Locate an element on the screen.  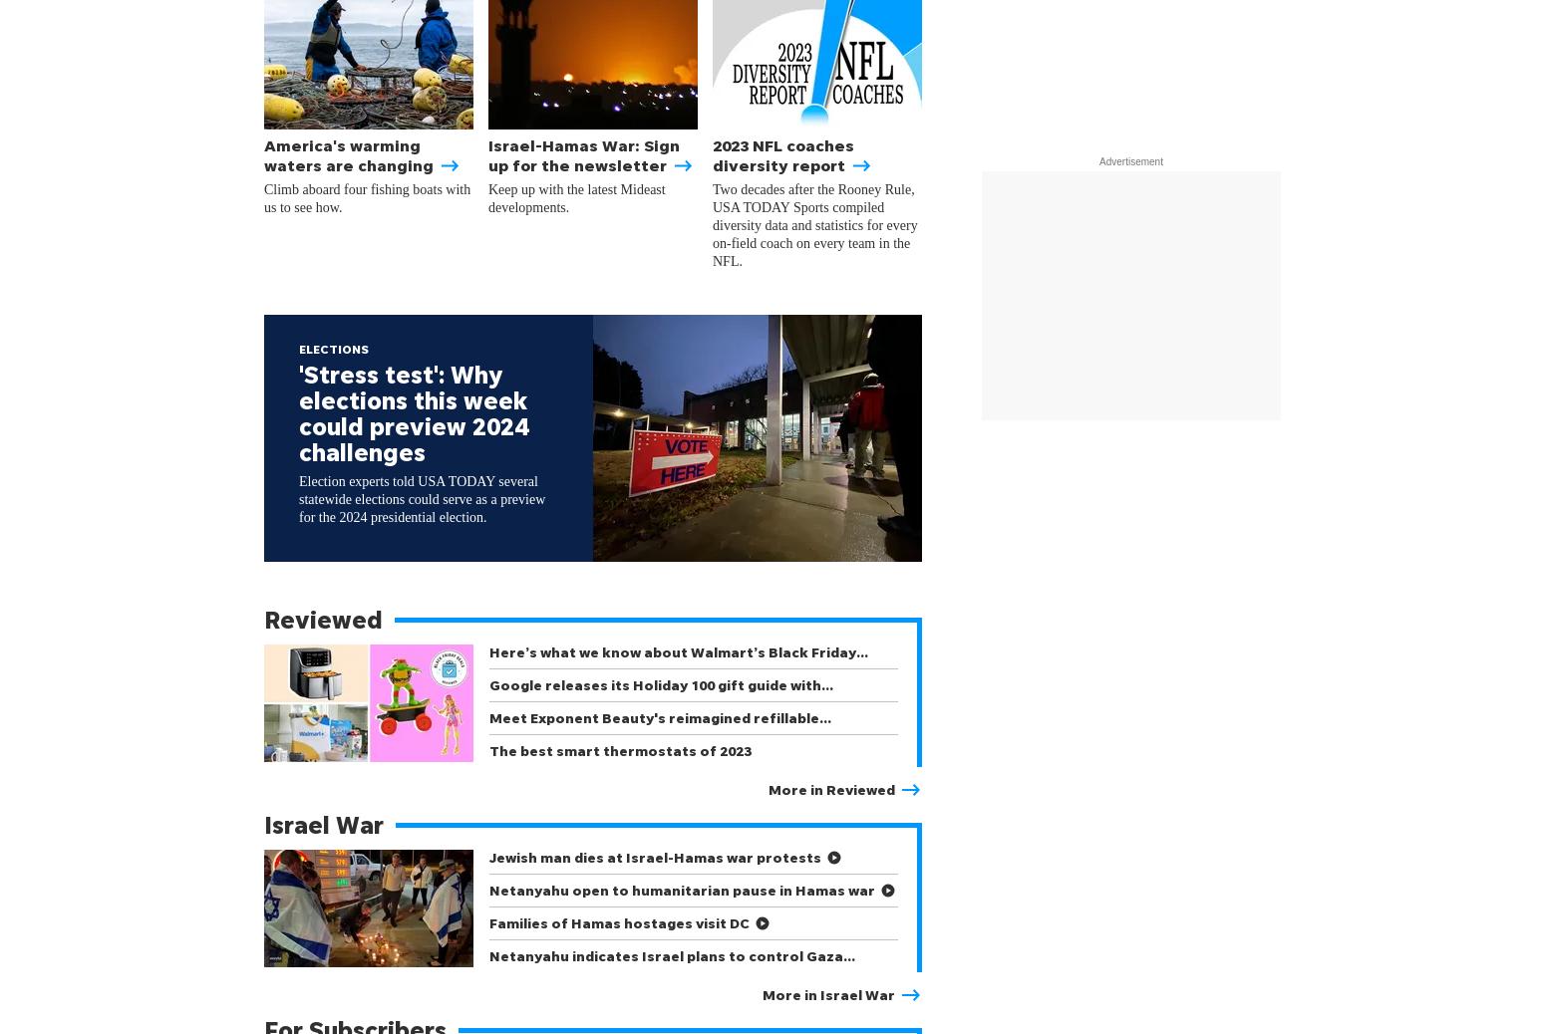
'Netanyahu open to humanitarian pause in Hamas war' is located at coordinates (681, 890).